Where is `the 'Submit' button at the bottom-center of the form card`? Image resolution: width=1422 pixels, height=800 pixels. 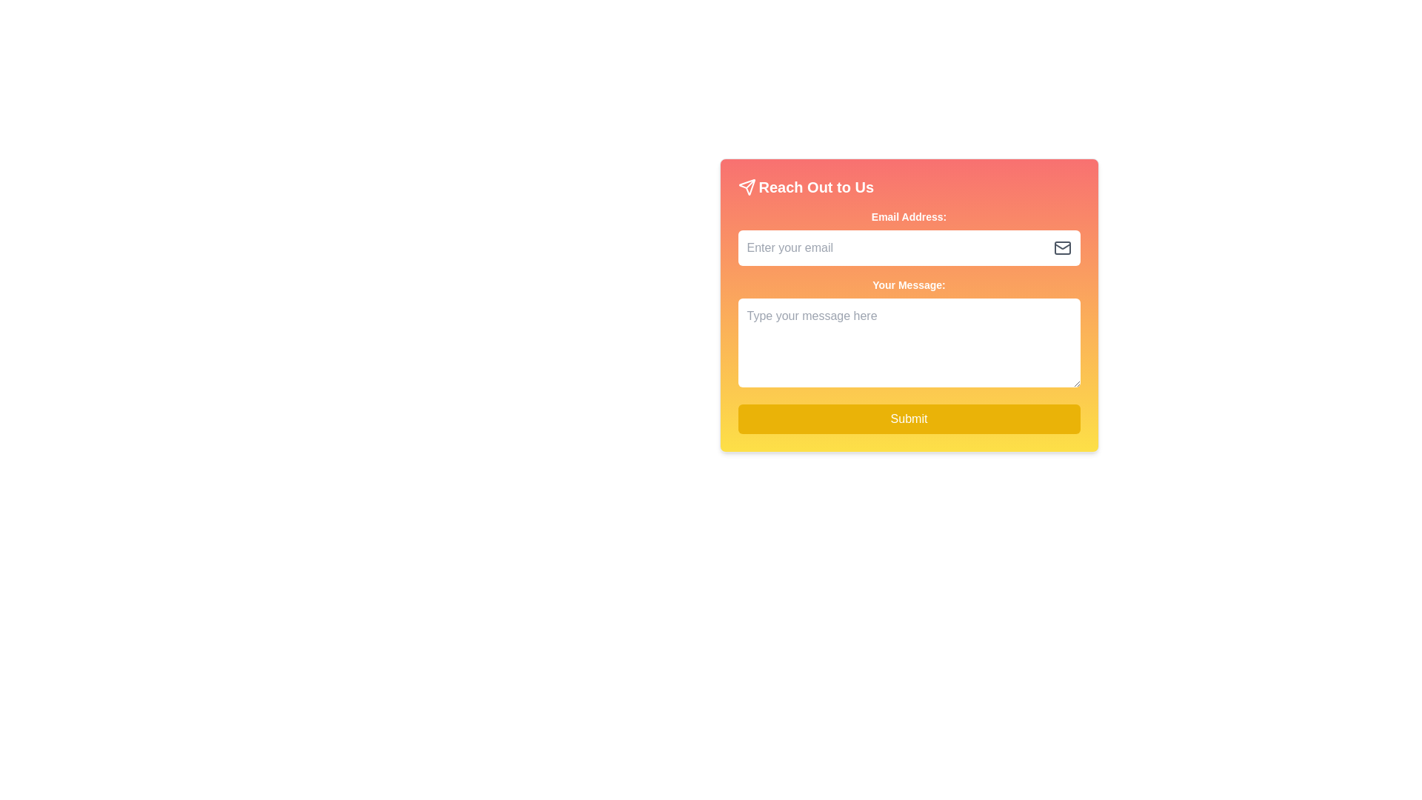
the 'Submit' button at the bottom-center of the form card is located at coordinates (908, 419).